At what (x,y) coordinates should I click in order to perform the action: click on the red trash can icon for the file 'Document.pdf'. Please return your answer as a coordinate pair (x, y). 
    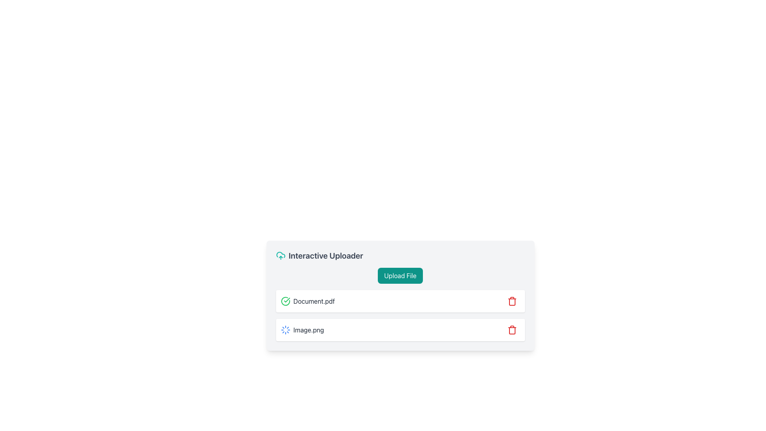
    Looking at the image, I should click on (512, 301).